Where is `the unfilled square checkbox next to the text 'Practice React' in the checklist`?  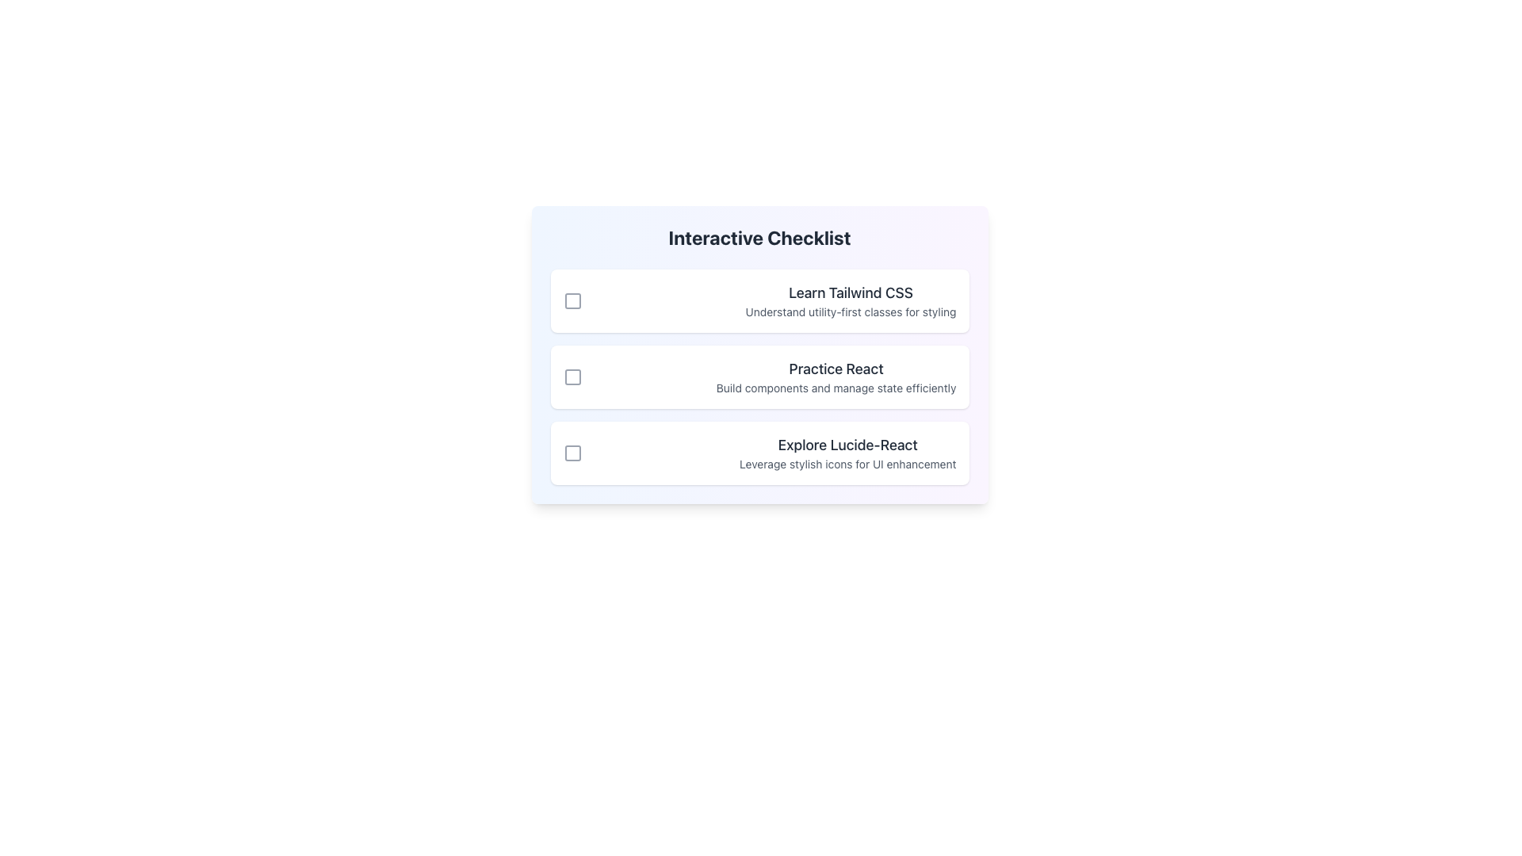
the unfilled square checkbox next to the text 'Practice React' in the checklist is located at coordinates (572, 376).